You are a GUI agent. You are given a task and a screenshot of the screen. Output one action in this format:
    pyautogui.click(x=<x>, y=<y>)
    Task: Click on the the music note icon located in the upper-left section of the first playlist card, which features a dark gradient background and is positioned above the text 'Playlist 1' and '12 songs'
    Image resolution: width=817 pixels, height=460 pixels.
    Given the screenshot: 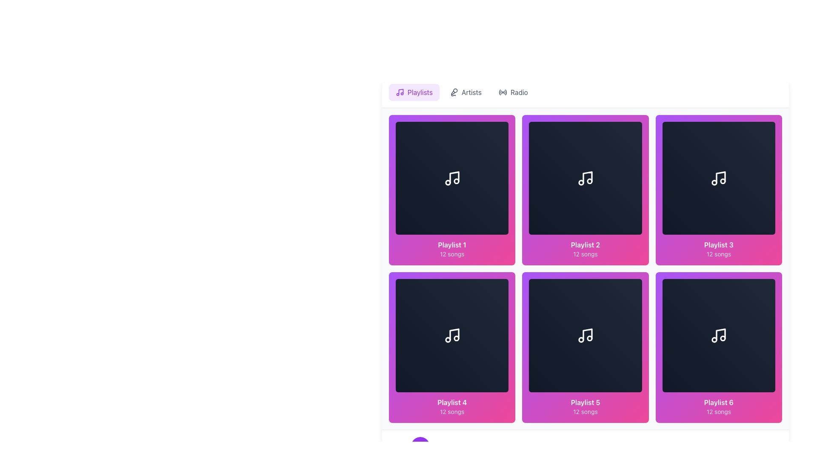 What is the action you would take?
    pyautogui.click(x=451, y=178)
    